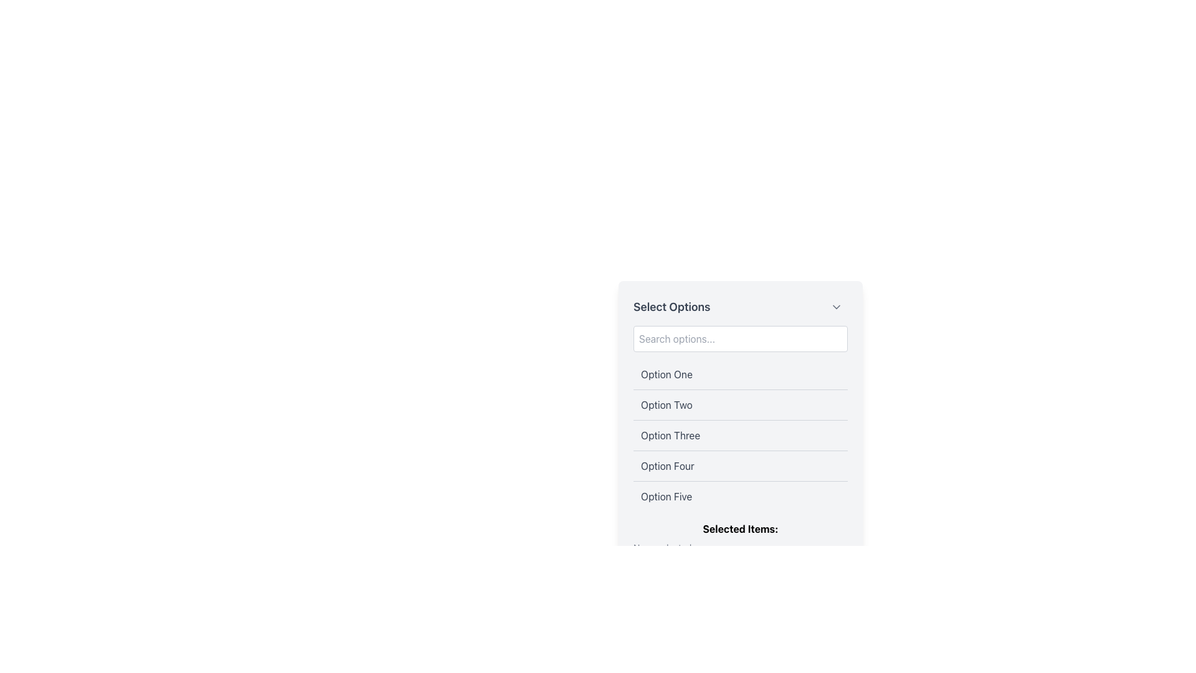 The width and height of the screenshot is (1196, 673). Describe the element at coordinates (741, 404) in the screenshot. I see `the List Item labeled 'Option Two'` at that location.